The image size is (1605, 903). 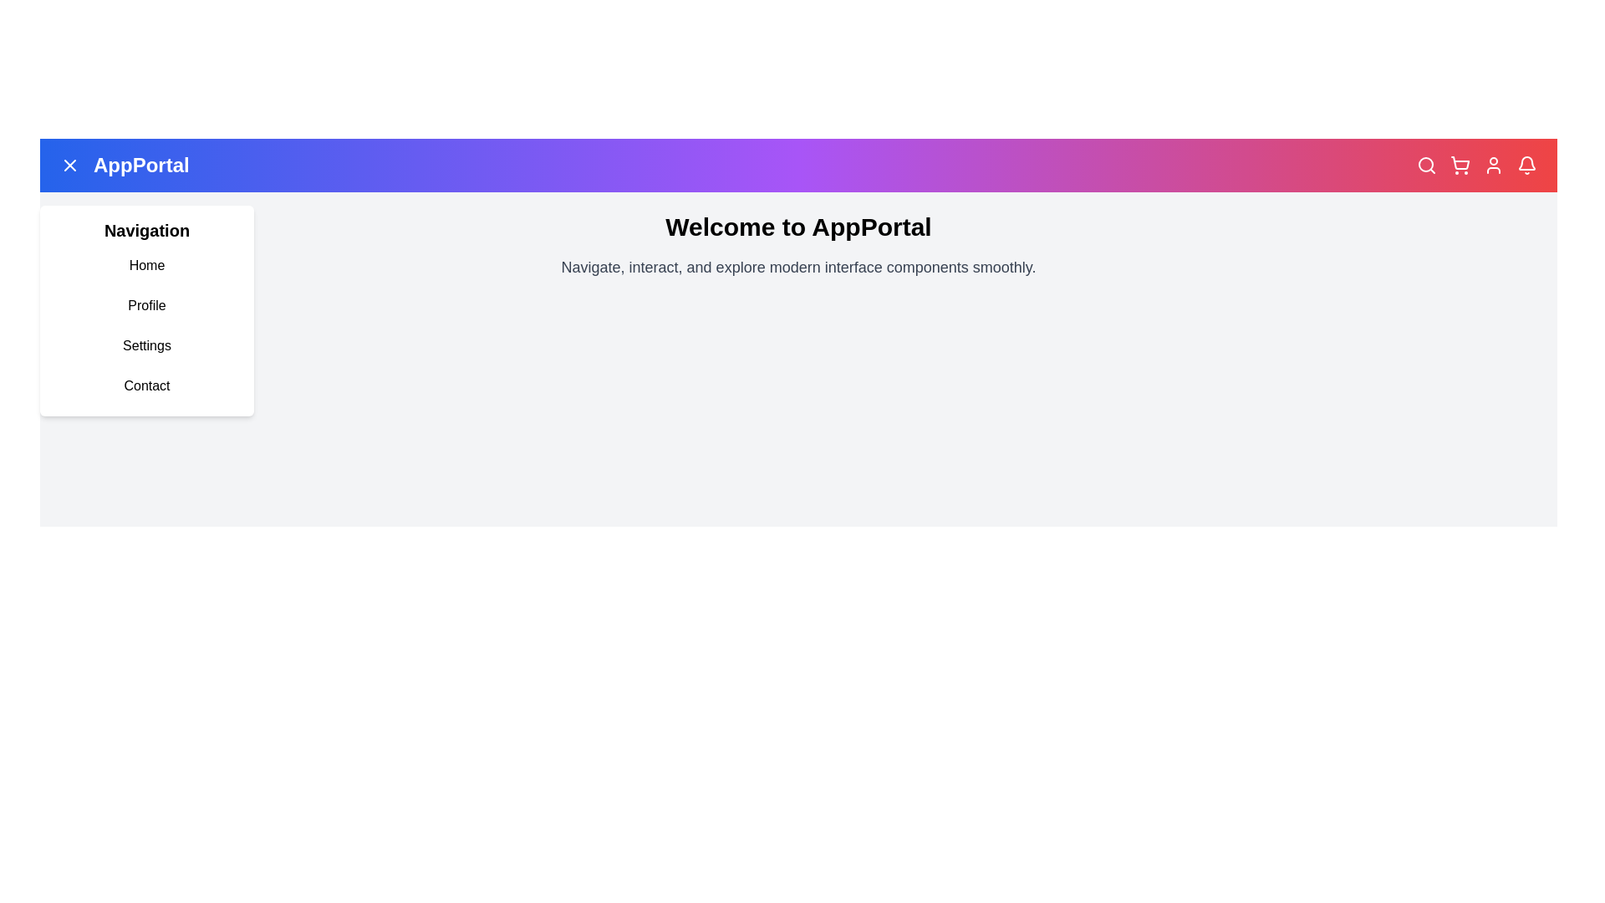 What do you see at coordinates (1460, 165) in the screenshot?
I see `the shopping cart icon located in the top bar of the interface` at bounding box center [1460, 165].